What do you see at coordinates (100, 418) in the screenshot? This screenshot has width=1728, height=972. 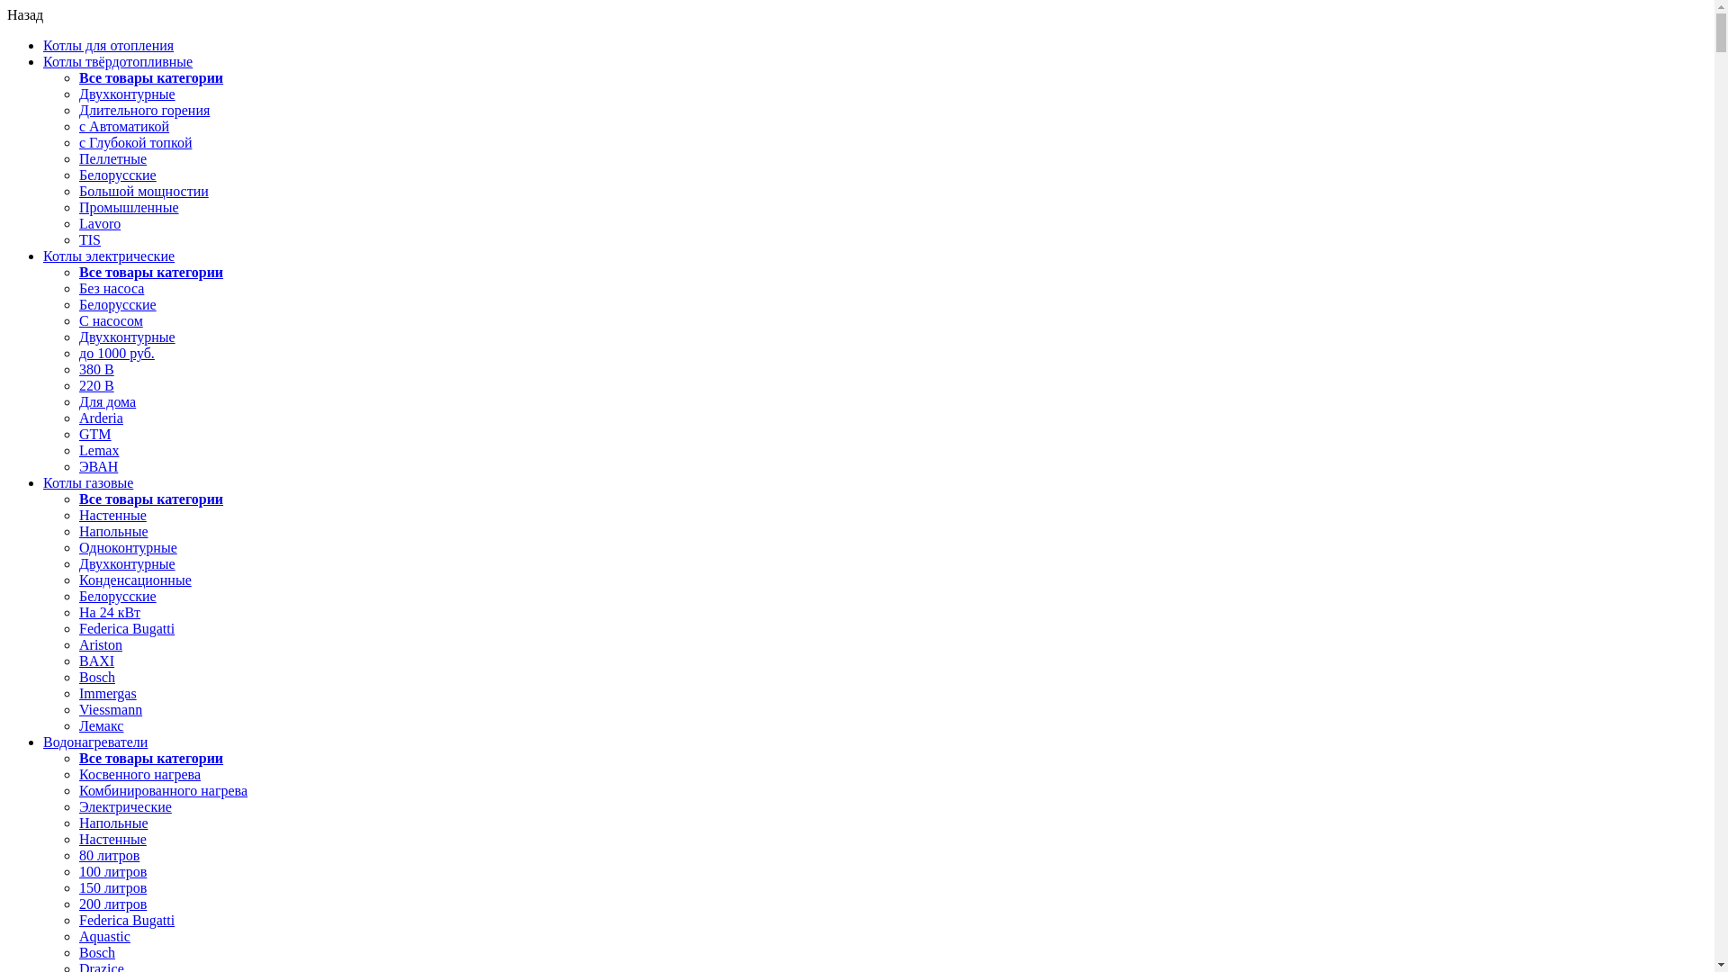 I see `'Arderia'` at bounding box center [100, 418].